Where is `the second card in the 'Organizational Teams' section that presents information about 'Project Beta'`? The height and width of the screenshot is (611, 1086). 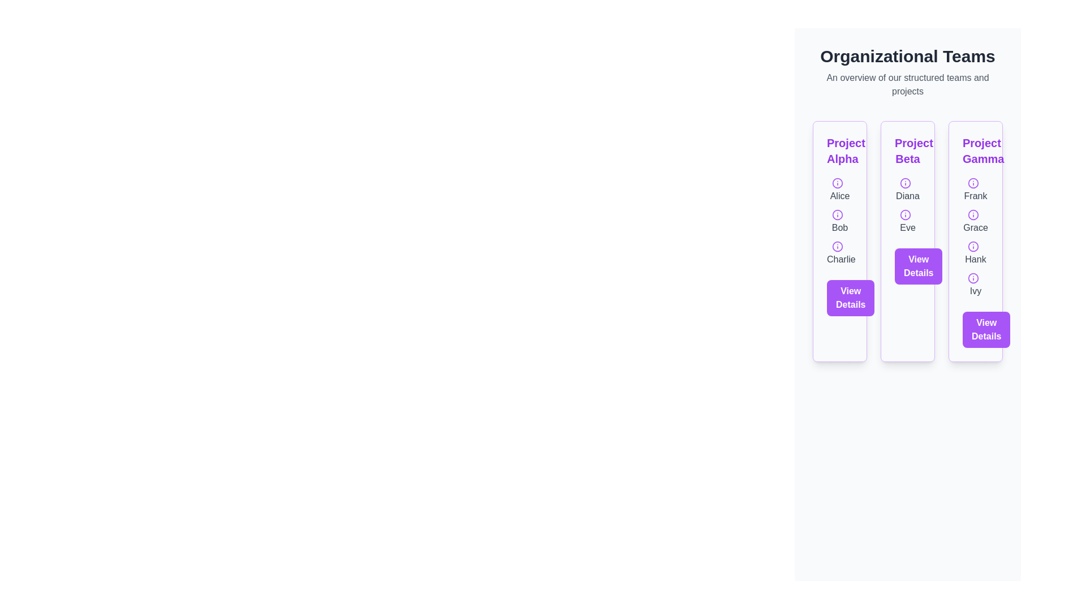 the second card in the 'Organizational Teams' section that presents information about 'Project Beta' is located at coordinates (907, 241).